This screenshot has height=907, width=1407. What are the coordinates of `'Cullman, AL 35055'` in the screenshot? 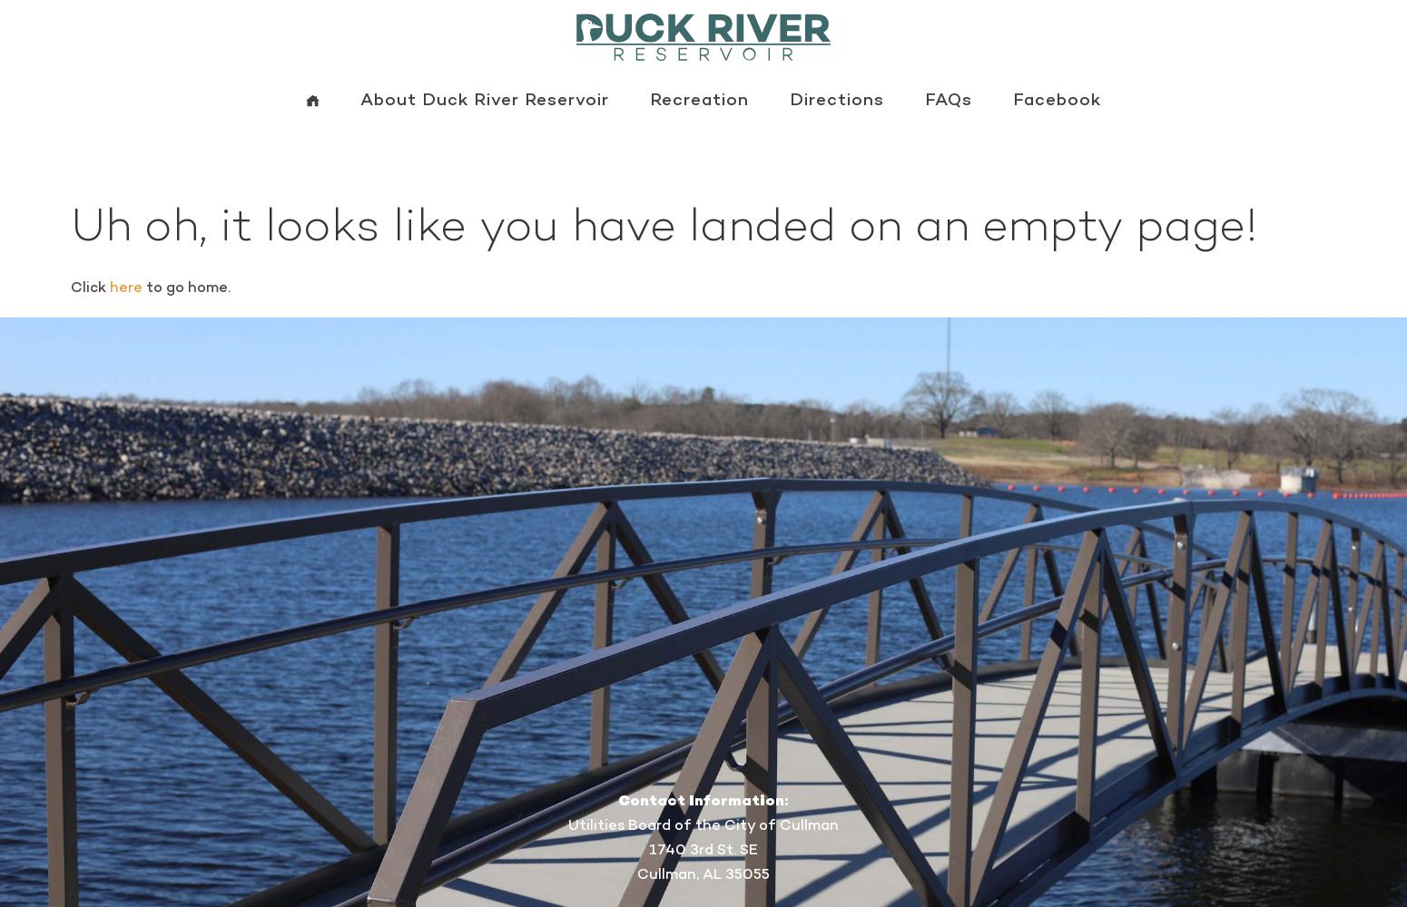 It's located at (703, 873).